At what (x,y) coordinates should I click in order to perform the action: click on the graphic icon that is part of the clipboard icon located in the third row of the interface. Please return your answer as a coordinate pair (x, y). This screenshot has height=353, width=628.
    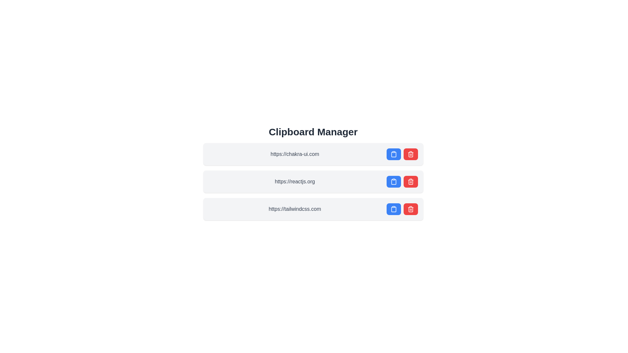
    Looking at the image, I should click on (393, 209).